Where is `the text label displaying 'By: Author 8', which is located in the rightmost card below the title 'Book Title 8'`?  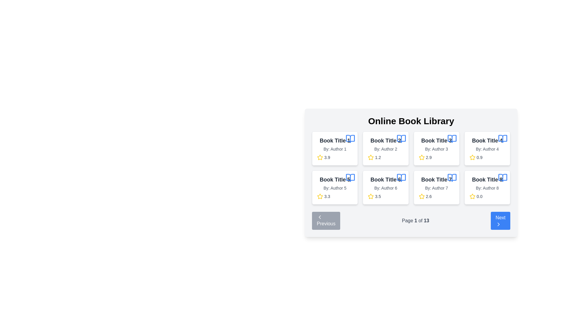
the text label displaying 'By: Author 8', which is located in the rightmost card below the title 'Book Title 8' is located at coordinates (487, 188).